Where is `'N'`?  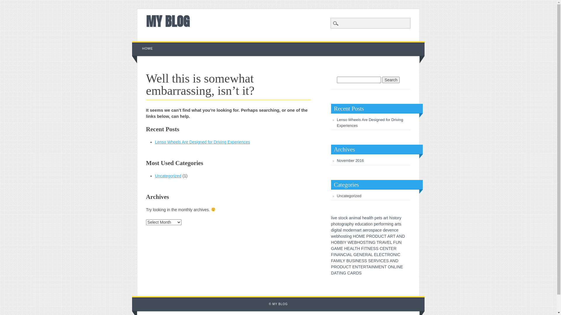 'N' is located at coordinates (398, 267).